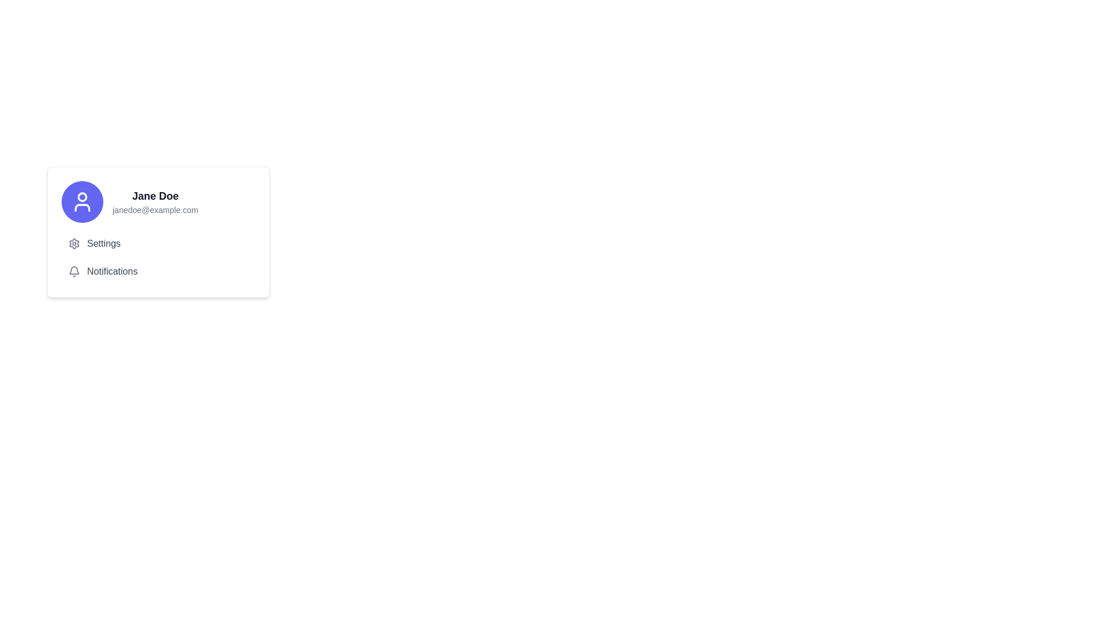 This screenshot has height=627, width=1115. Describe the element at coordinates (74, 243) in the screenshot. I see `the cogwheel icon, which is the first element in the 'Settings' interaction row, represented in grey and polished style` at that location.